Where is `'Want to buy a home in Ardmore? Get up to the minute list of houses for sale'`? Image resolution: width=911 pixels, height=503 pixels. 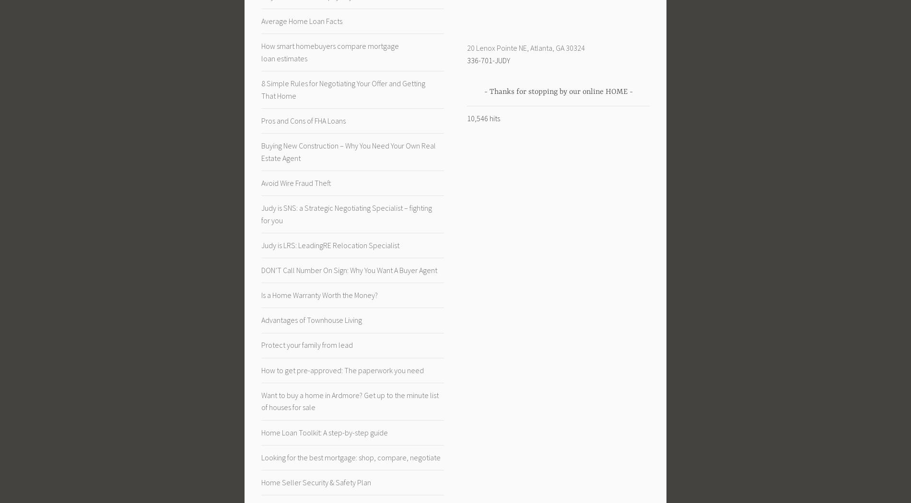 'Want to buy a home in Ardmore? Get up to the minute list of houses for sale' is located at coordinates (349, 400).